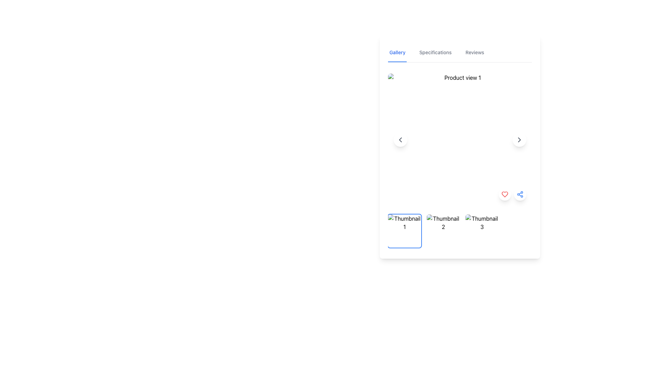 Image resolution: width=664 pixels, height=373 pixels. Describe the element at coordinates (443, 231) in the screenshot. I see `the 'Thumbnail 2' image element, which is a 96x96 square with a greenish background and rounded corners` at that location.